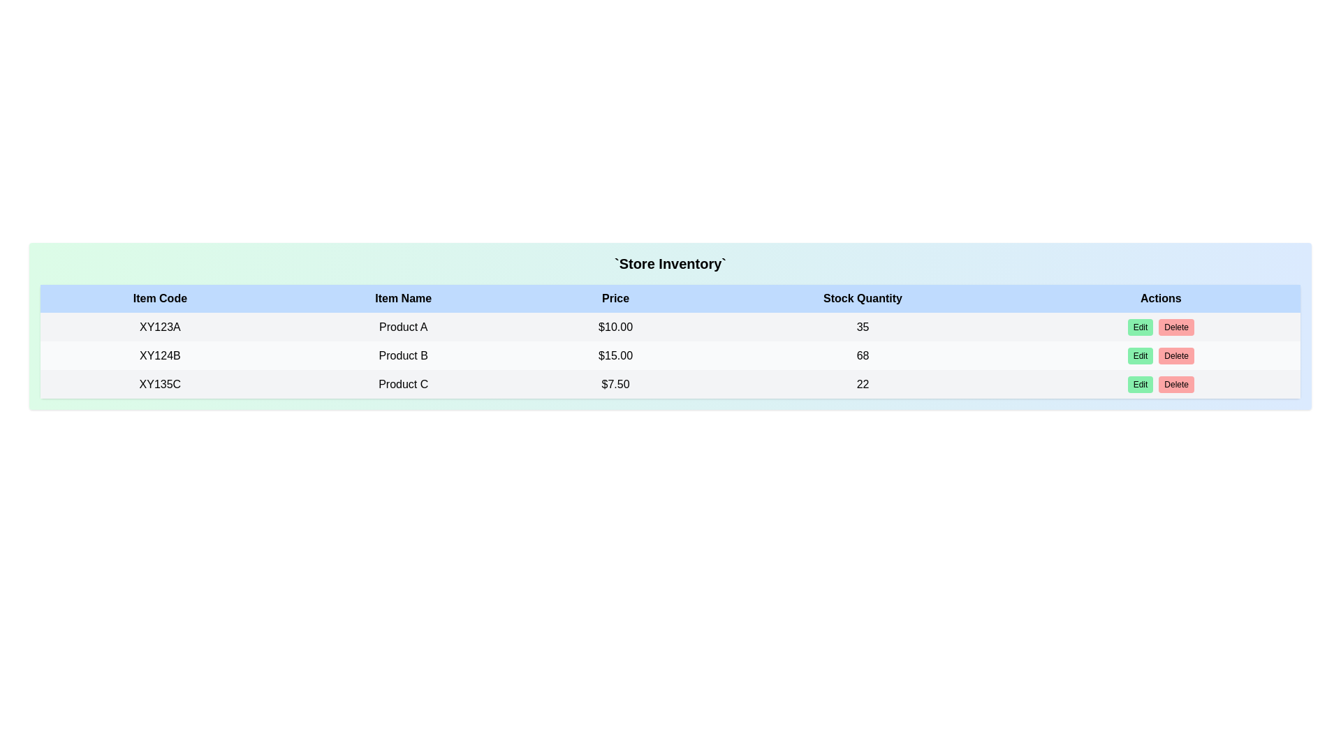  I want to click on the 'Edit' button in the grouped pair of action buttons for 'Product C' located in the final column of the 'Store Inventory' table corresponding to 'XY135C', so click(1160, 384).